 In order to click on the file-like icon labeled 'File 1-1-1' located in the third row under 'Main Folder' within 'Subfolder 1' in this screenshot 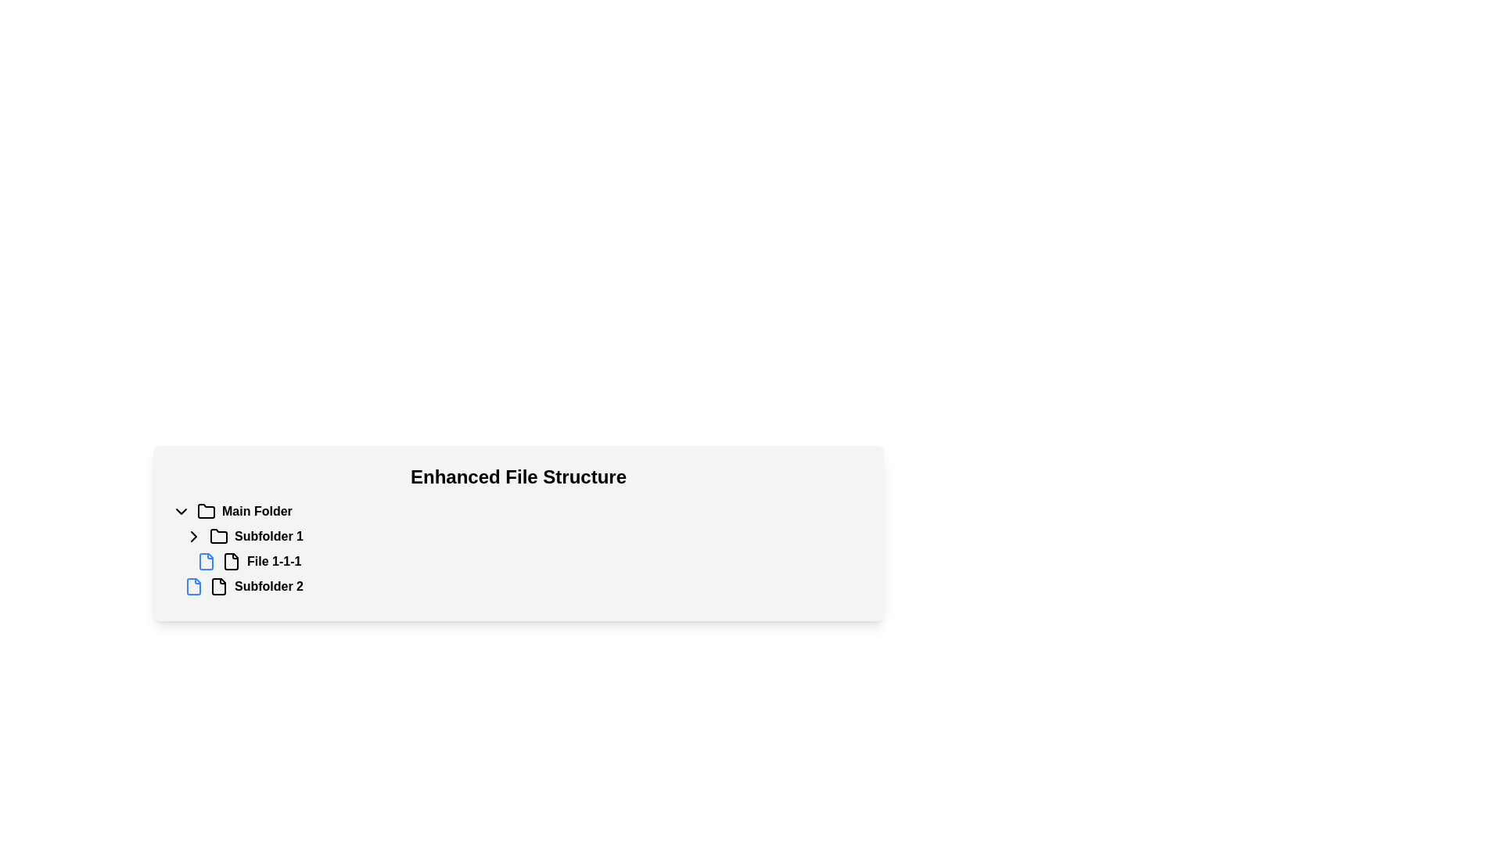, I will do `click(231, 560)`.